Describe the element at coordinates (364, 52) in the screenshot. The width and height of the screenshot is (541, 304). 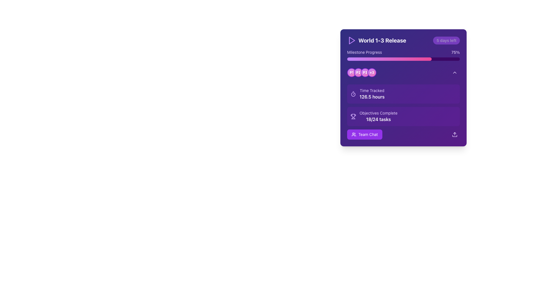
I see `the static text label that identifies the progress bar beneath it, located below the title 'World 1-3 Release' and above the progress bar` at that location.